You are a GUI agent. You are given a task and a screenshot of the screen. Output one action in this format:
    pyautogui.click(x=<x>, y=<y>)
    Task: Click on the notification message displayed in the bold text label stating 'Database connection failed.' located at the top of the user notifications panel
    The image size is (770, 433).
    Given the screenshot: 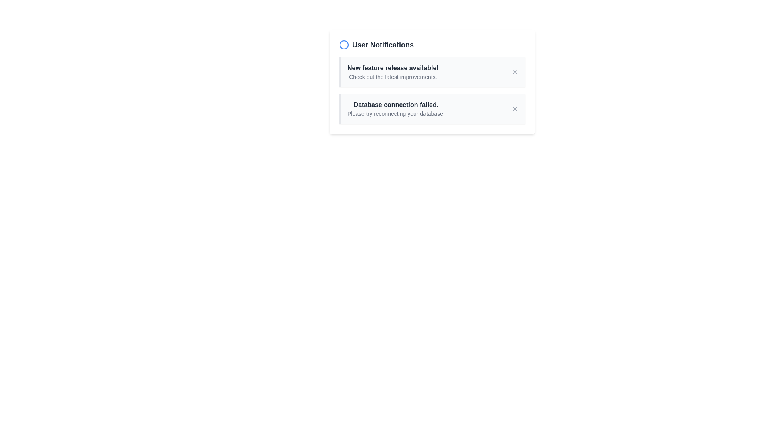 What is the action you would take?
    pyautogui.click(x=396, y=105)
    